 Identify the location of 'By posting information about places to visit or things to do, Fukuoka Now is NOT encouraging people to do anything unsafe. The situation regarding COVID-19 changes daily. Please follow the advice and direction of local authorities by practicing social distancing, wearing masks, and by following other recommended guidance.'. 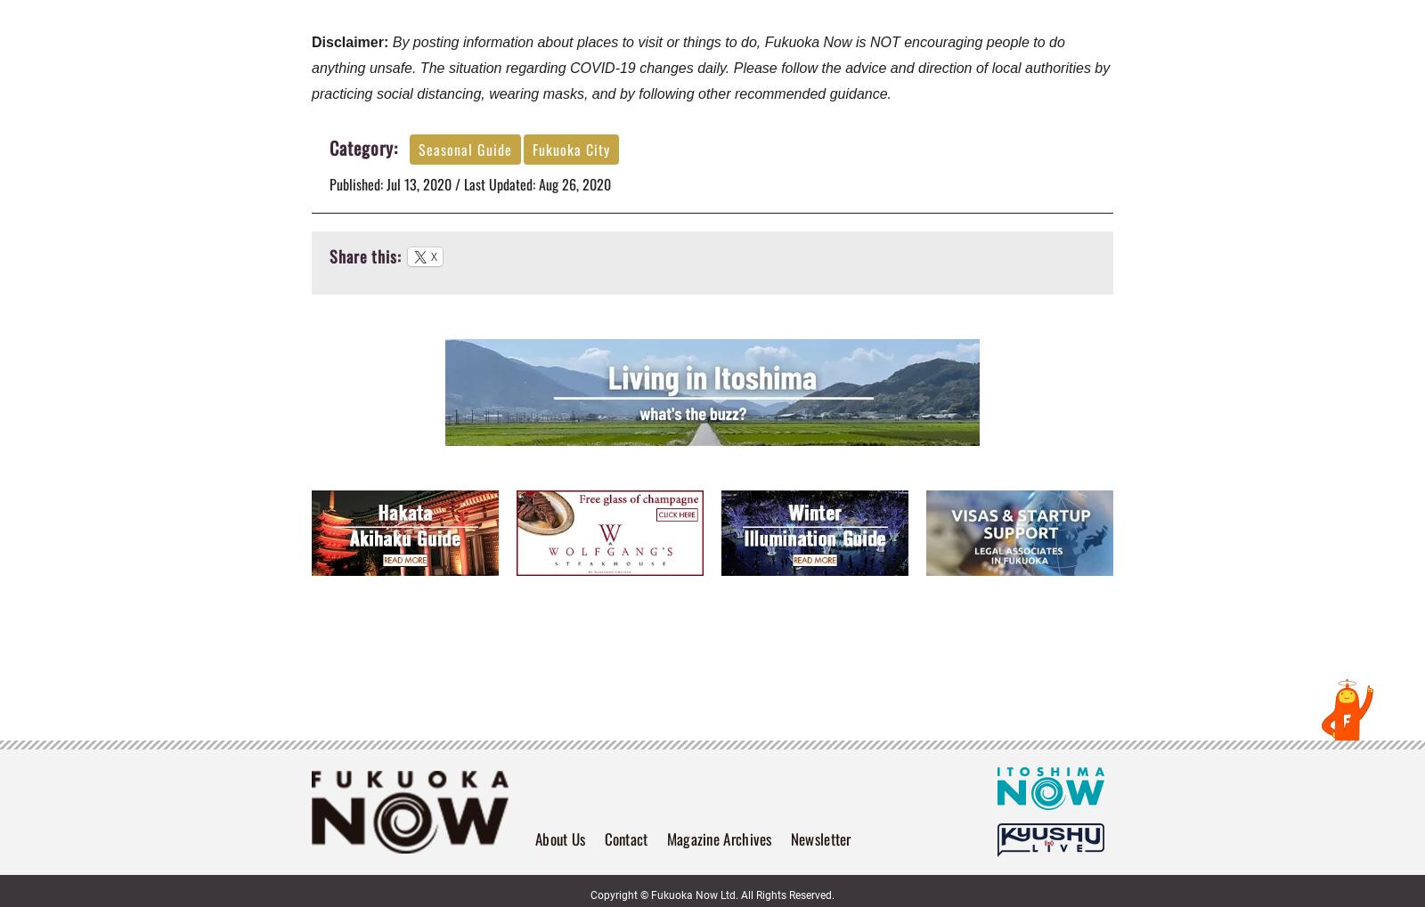
(711, 68).